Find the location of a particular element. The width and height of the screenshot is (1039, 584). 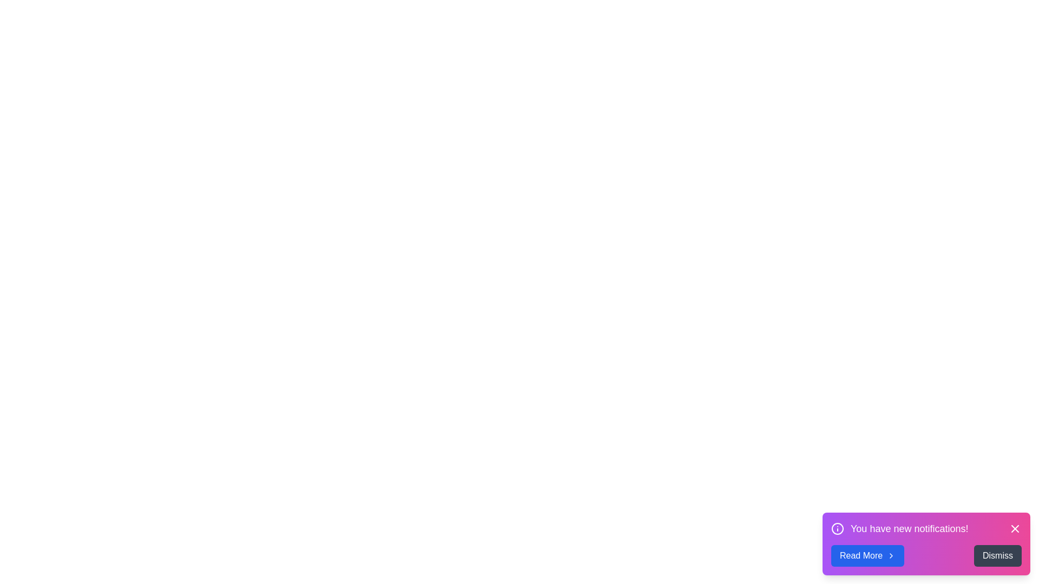

the circular icon with an information symbol inside, which has a purple background, located in the bottom-right corner of the notification card, next to the text 'You have new notifications!' is located at coordinates (837, 528).